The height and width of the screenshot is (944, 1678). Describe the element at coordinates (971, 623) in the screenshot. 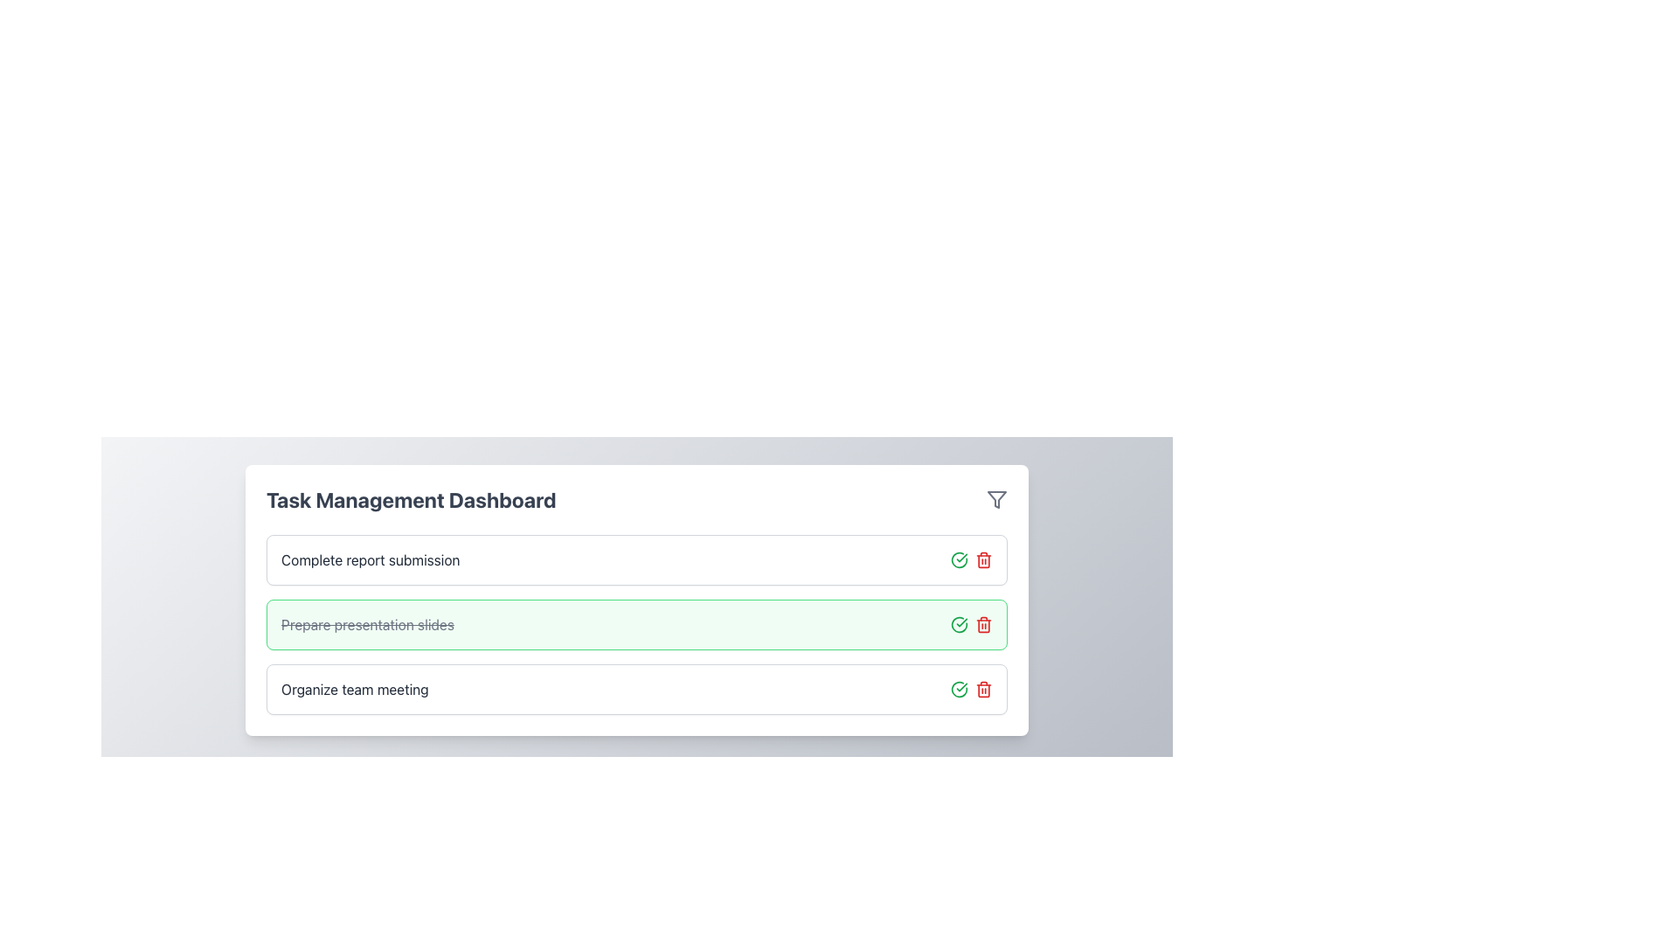

I see `the red trash can icon in the 'Prepare presentation slides' task row` at that location.